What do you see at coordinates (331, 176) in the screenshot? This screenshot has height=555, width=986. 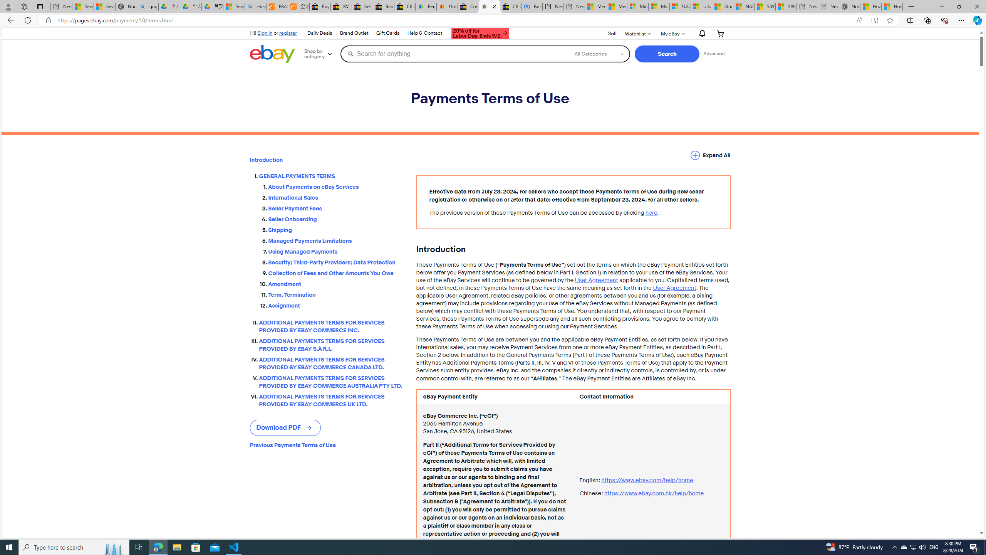 I see `'GENERAL PAYMENTS TERMS'` at bounding box center [331, 176].